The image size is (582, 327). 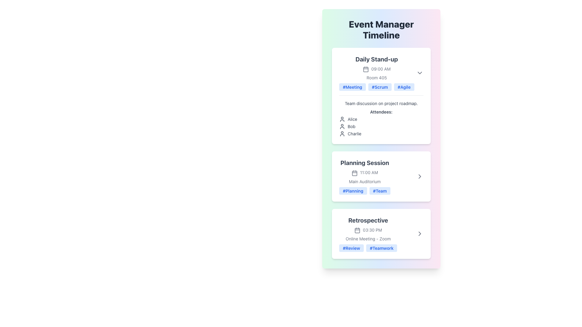 What do you see at coordinates (354, 173) in the screenshot?
I see `the calendar icon located beside '11:00 AM' in the 'Planning Session' section, which visually indicates a date or event` at bounding box center [354, 173].